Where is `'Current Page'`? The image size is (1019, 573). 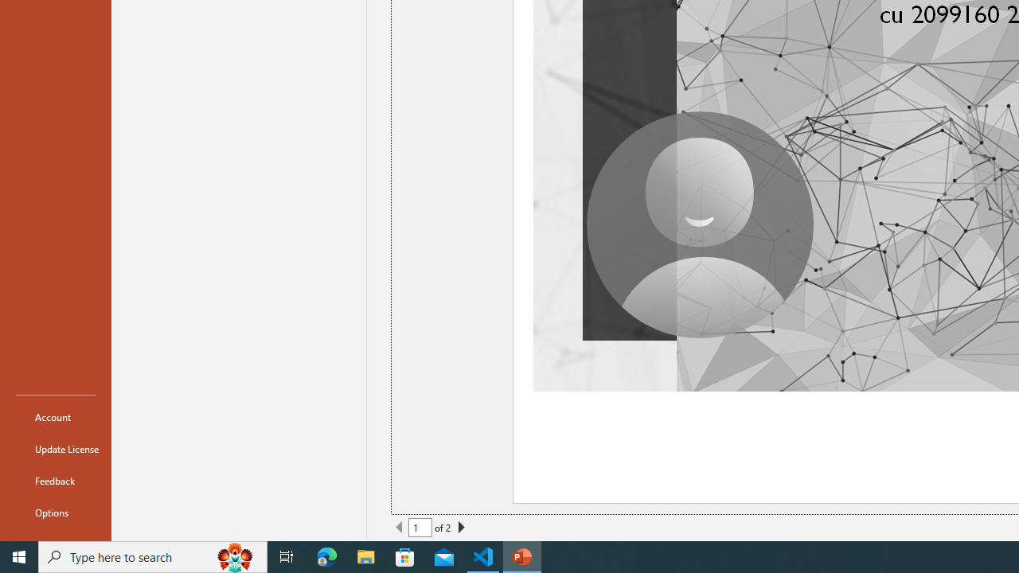
'Current Page' is located at coordinates (420, 528).